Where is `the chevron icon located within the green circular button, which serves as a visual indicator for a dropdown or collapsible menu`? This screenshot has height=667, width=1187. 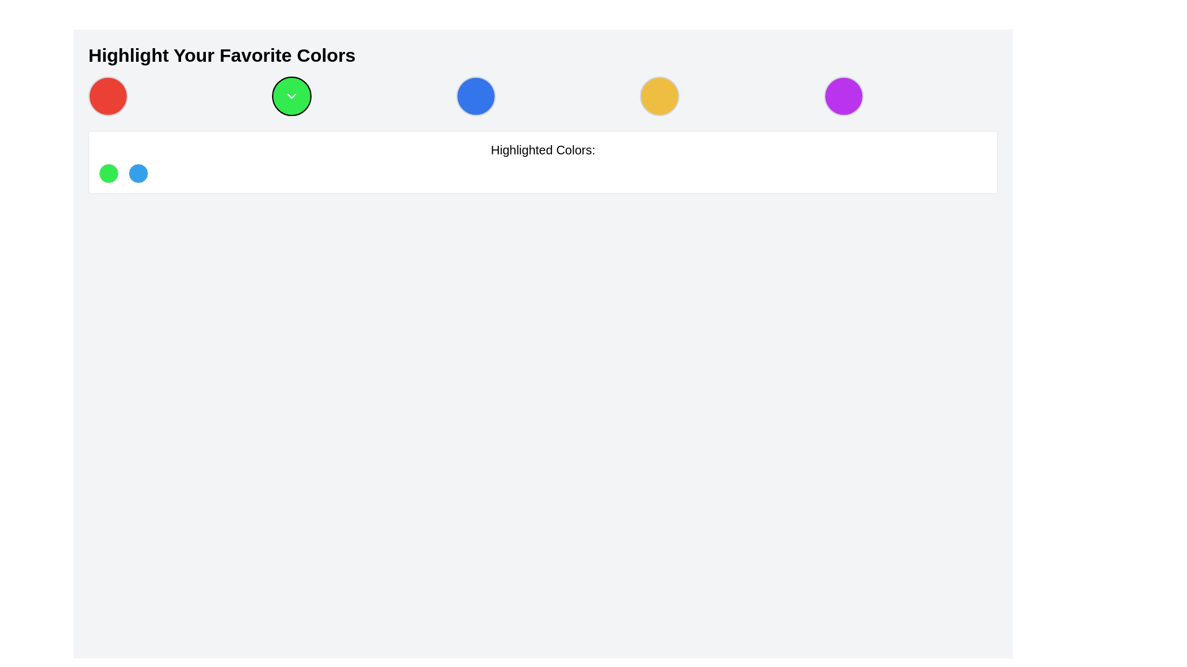
the chevron icon located within the green circular button, which serves as a visual indicator for a dropdown or collapsible menu is located at coordinates (291, 95).